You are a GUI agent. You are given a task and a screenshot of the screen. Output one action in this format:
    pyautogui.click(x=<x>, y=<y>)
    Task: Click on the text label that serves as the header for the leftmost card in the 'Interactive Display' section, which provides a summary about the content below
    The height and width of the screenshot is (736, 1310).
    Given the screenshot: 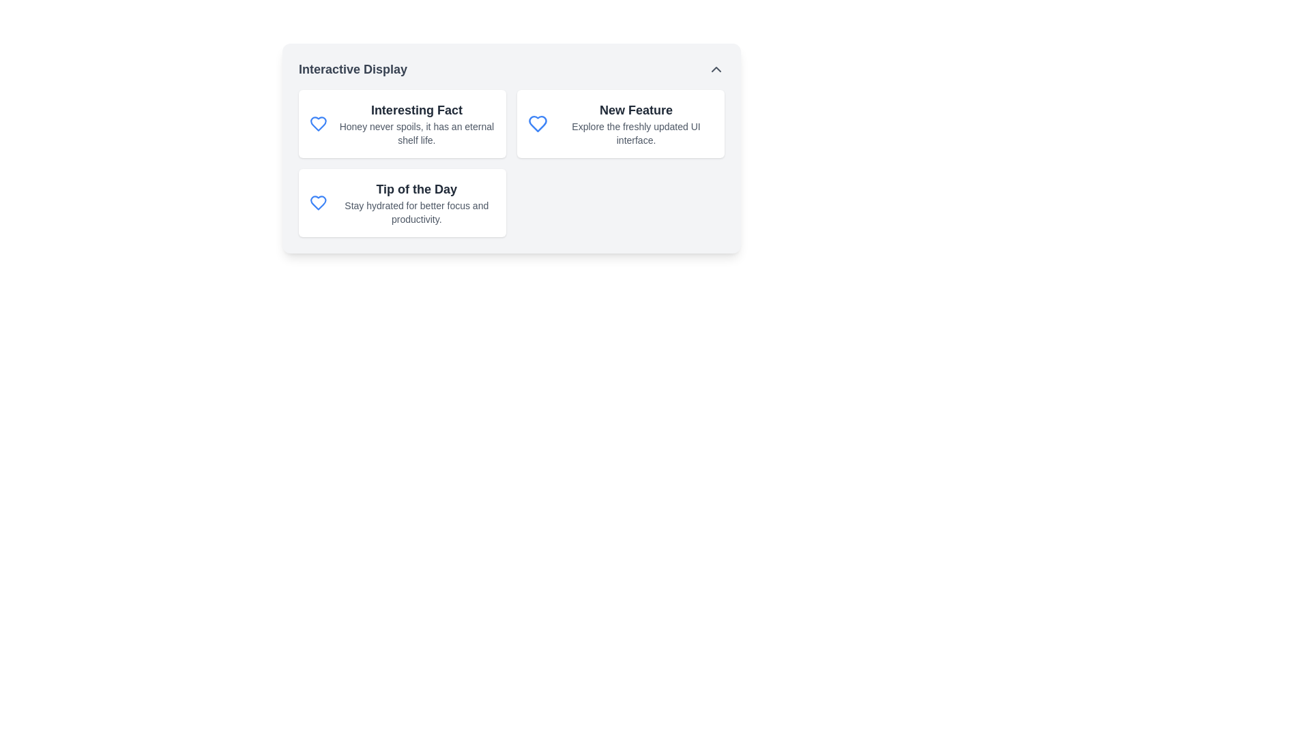 What is the action you would take?
    pyautogui.click(x=416, y=110)
    